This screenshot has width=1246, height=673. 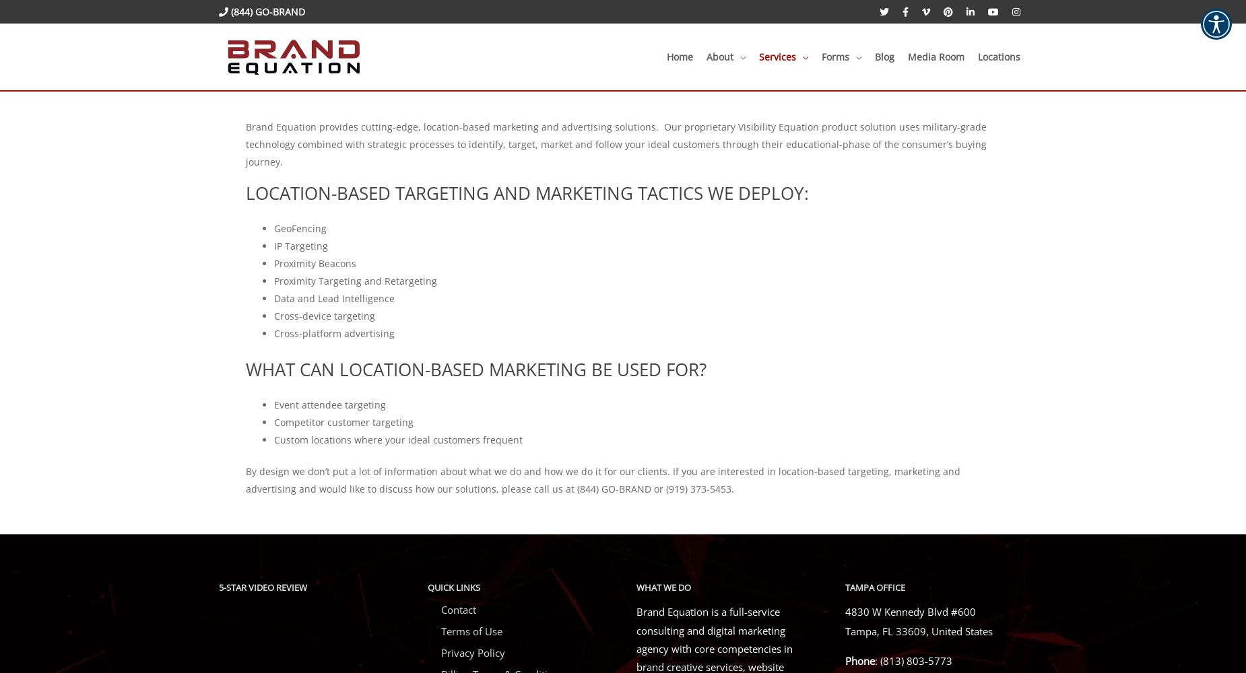 What do you see at coordinates (527, 192) in the screenshot?
I see `'LOCATION-BASED TARGETING AND MARKETING TACTICS WE DEPLOY:'` at bounding box center [527, 192].